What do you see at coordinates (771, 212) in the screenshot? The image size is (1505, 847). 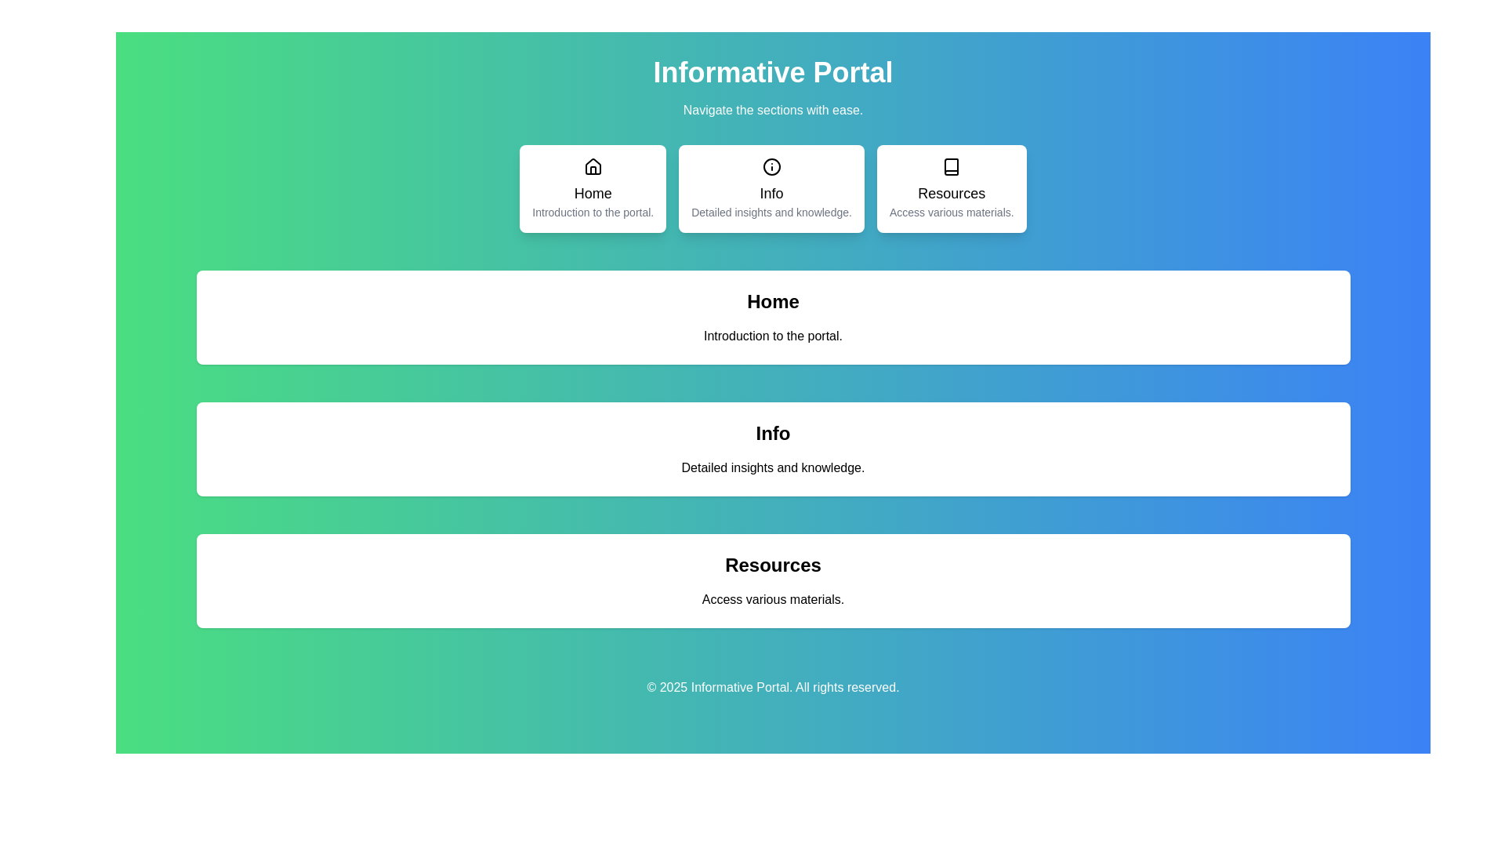 I see `the static text block that reads 'Detailed insights and knowledge.' located below the heading 'Info' in the card component` at bounding box center [771, 212].